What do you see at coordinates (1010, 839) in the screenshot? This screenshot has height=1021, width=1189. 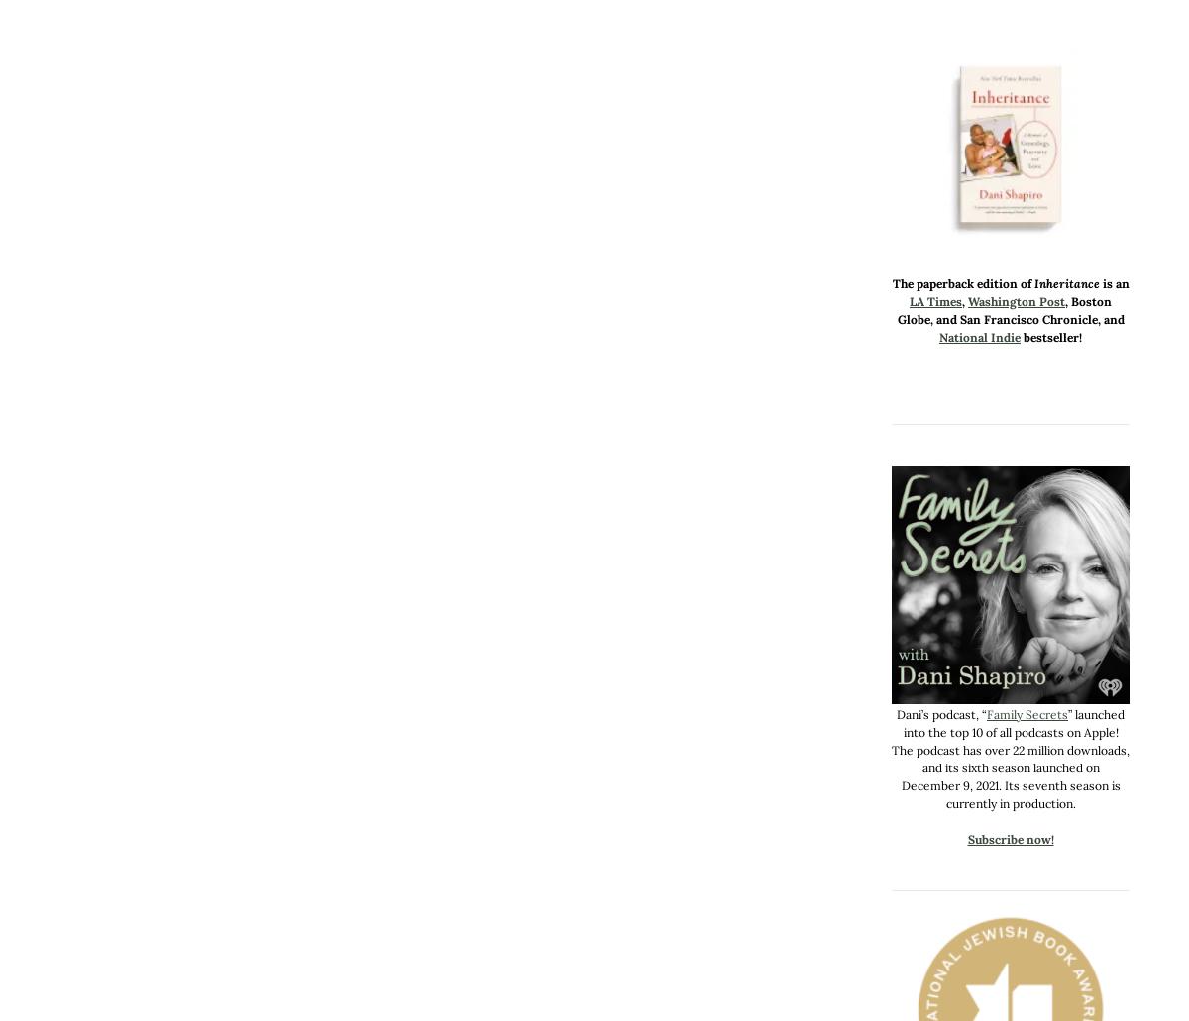 I see `'Subscribe now!'` at bounding box center [1010, 839].